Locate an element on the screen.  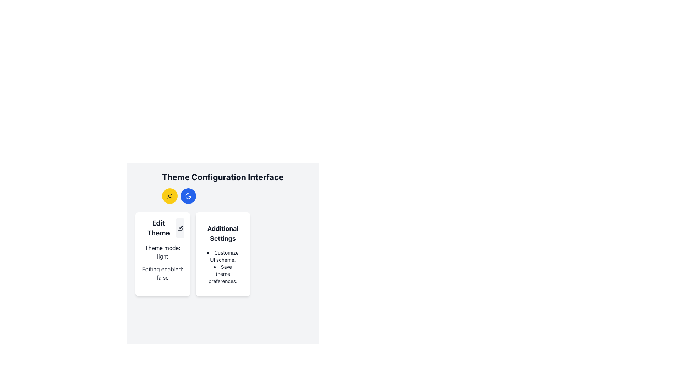
the Text with Icon Indication element that indicates the editable nature of the theme settings, located at the top left of the theme settings card is located at coordinates (162, 228).